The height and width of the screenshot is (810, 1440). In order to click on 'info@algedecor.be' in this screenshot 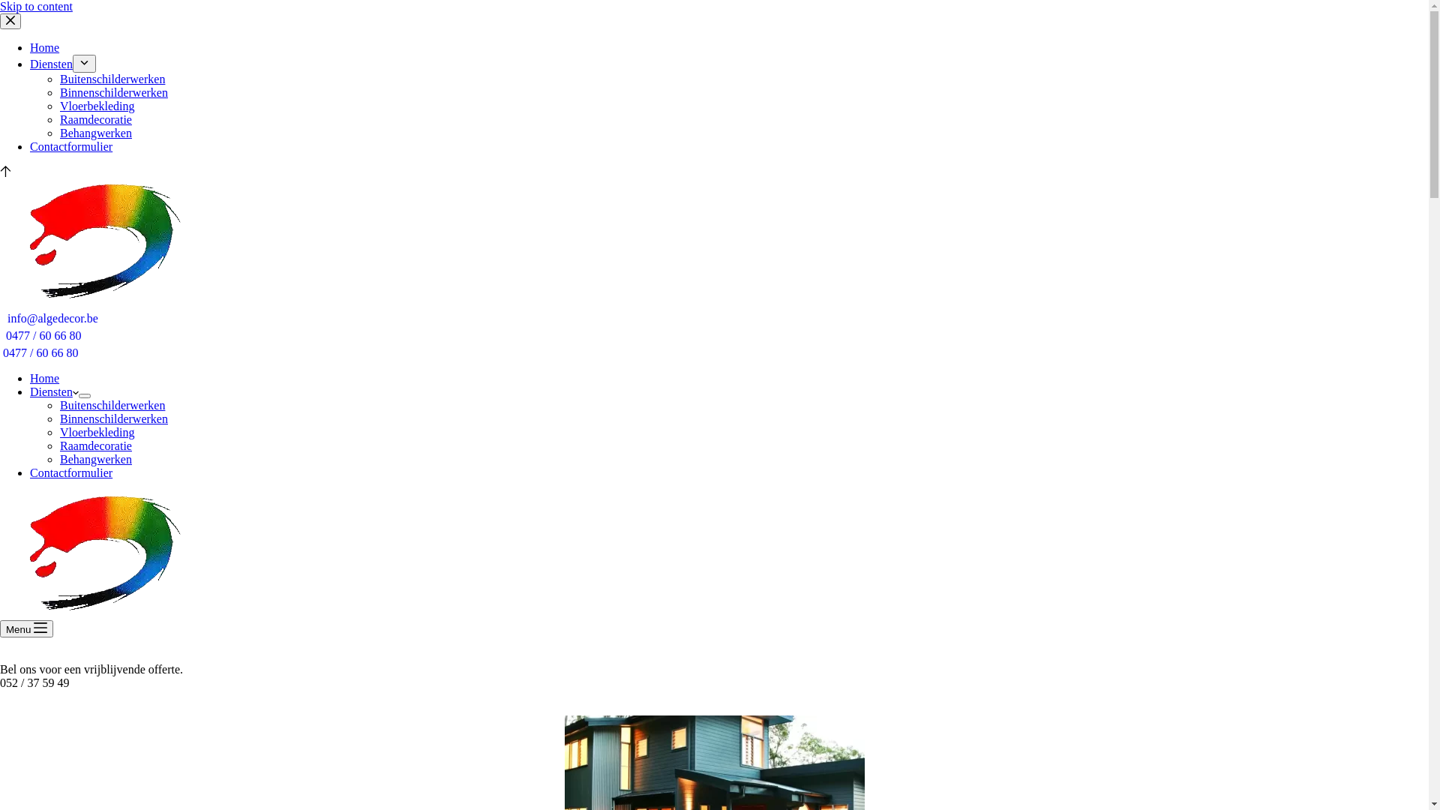, I will do `click(52, 317)`.